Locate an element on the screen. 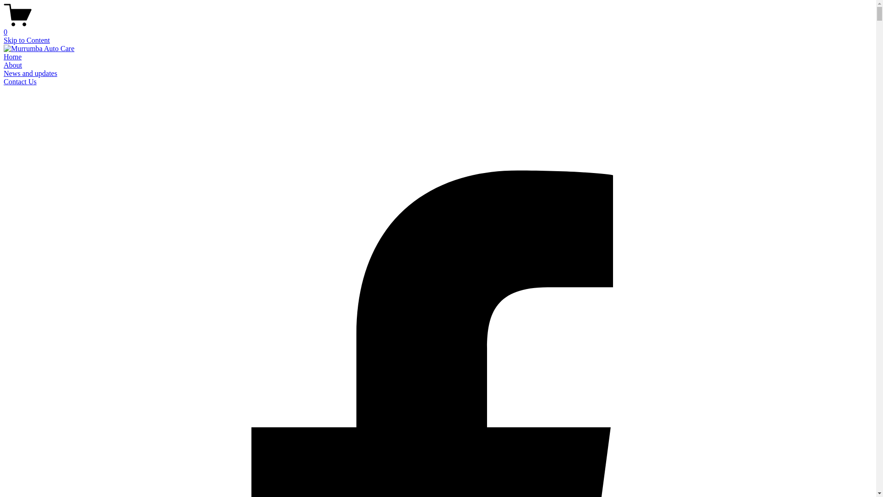 The width and height of the screenshot is (883, 497). '0' is located at coordinates (437, 28).